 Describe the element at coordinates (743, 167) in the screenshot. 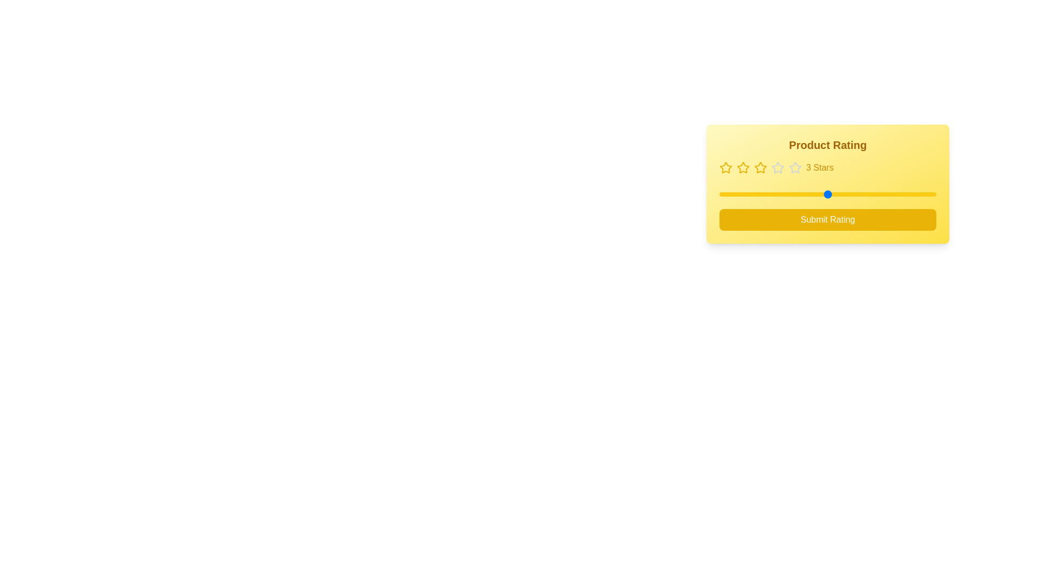

I see `the second star icon in the product rating section, which visually indicates the second level of a rating` at that location.